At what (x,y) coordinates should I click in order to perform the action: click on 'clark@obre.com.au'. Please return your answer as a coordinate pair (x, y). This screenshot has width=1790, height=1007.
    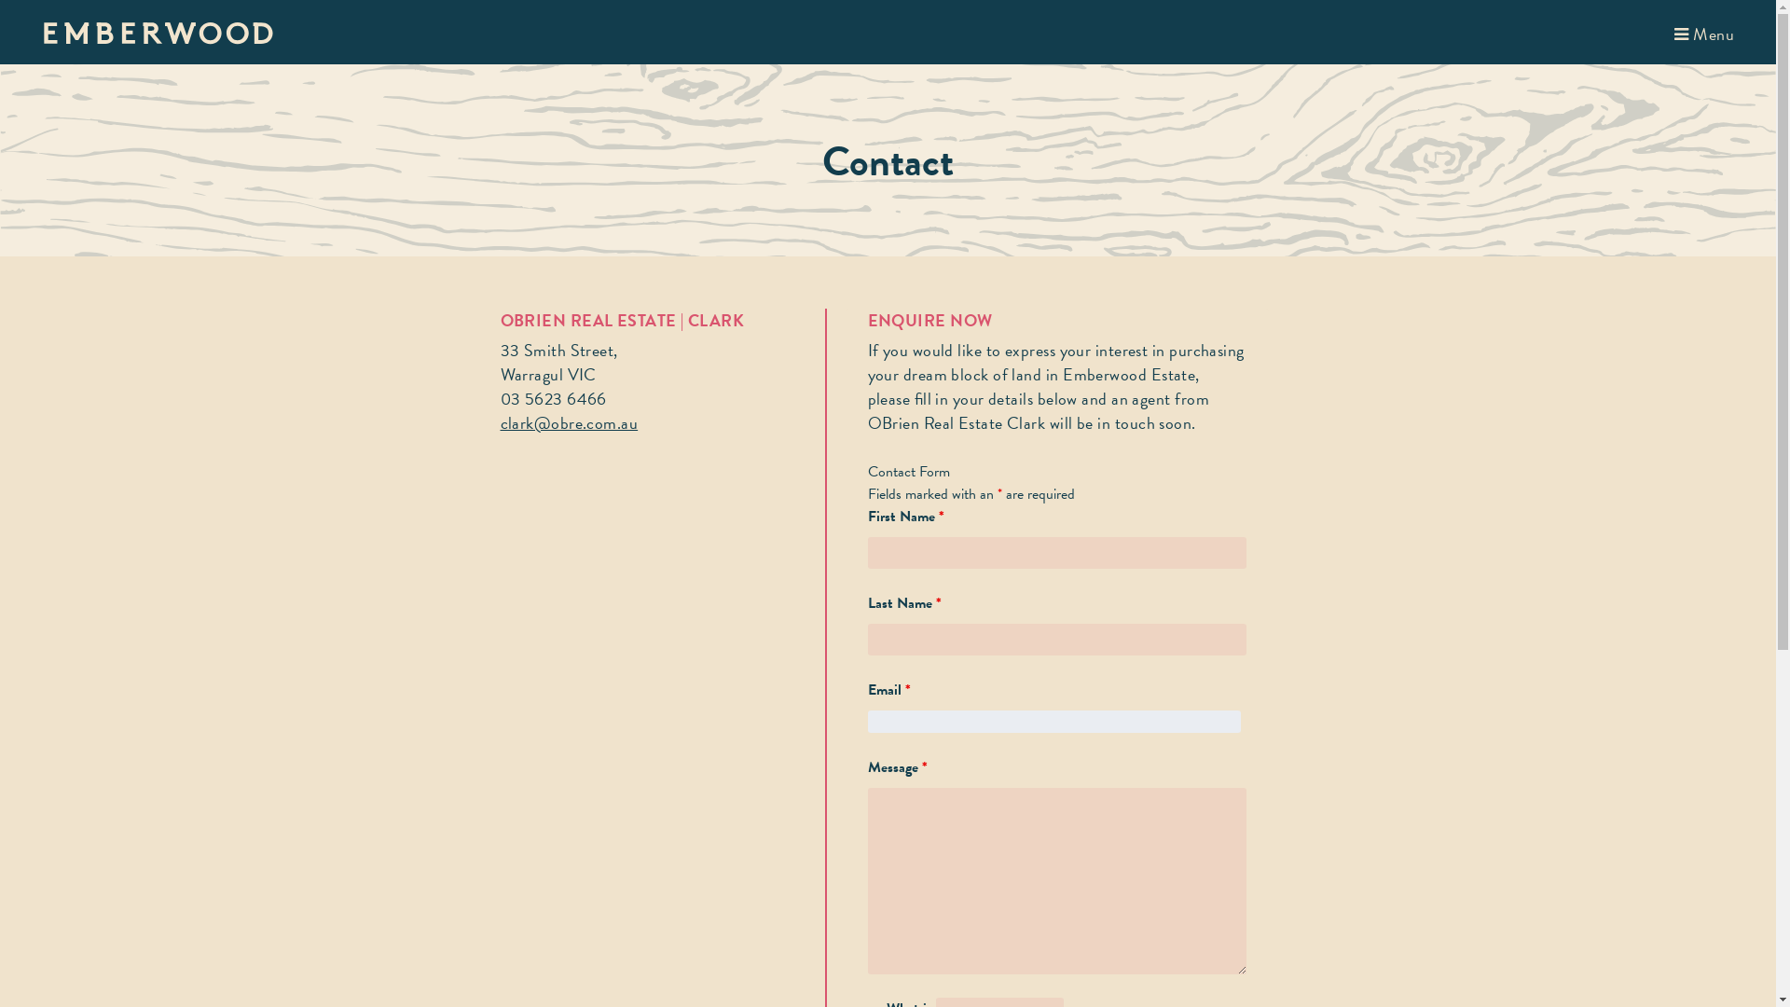
    Looking at the image, I should click on (567, 422).